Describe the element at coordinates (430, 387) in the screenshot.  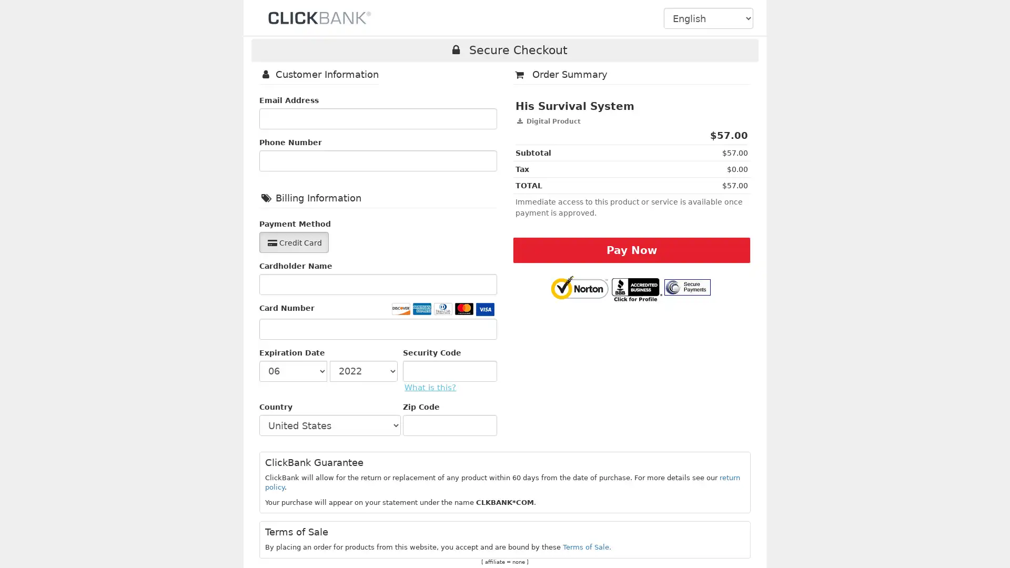
I see `What is this?` at that location.